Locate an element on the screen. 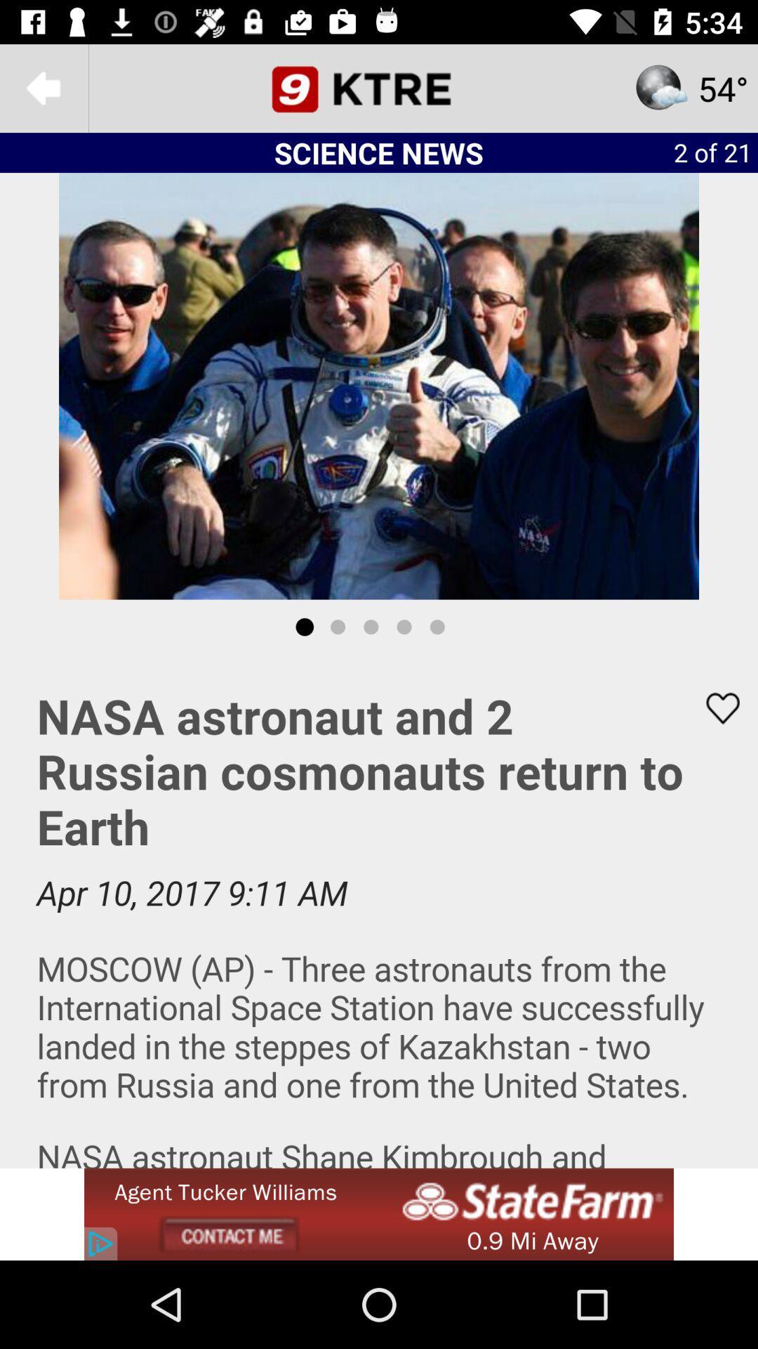 Image resolution: width=758 pixels, height=1349 pixels. the option is located at coordinates (379, 1213).